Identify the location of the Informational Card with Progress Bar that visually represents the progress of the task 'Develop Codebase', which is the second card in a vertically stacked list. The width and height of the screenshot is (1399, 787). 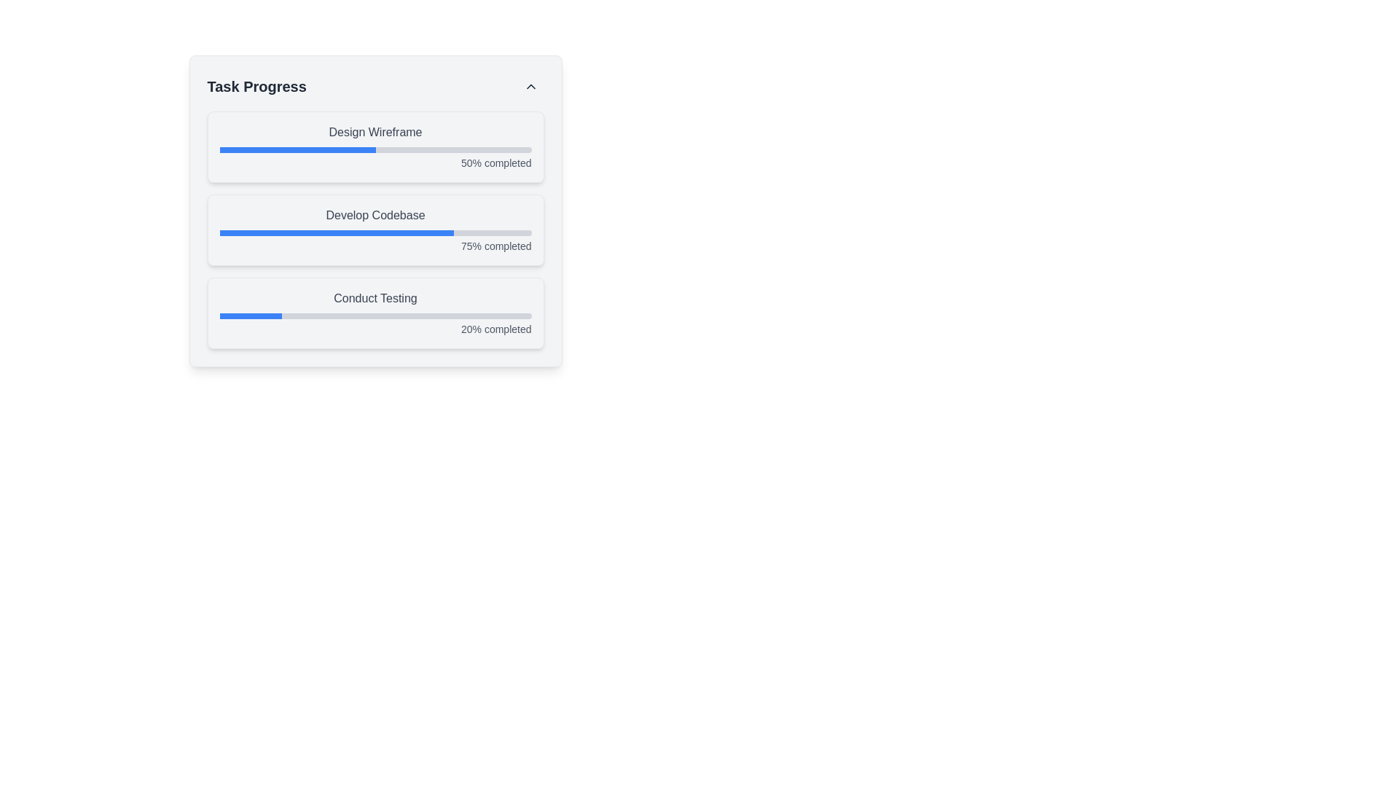
(375, 230).